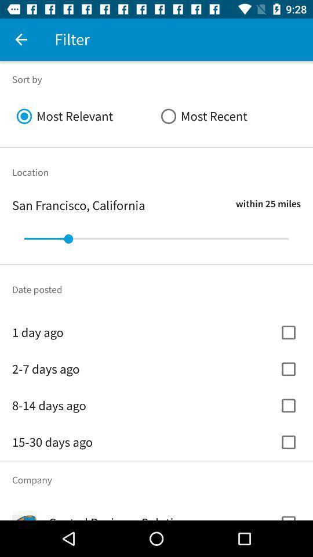 The height and width of the screenshot is (557, 313). Describe the element at coordinates (228, 116) in the screenshot. I see `icon at the top right corner` at that location.